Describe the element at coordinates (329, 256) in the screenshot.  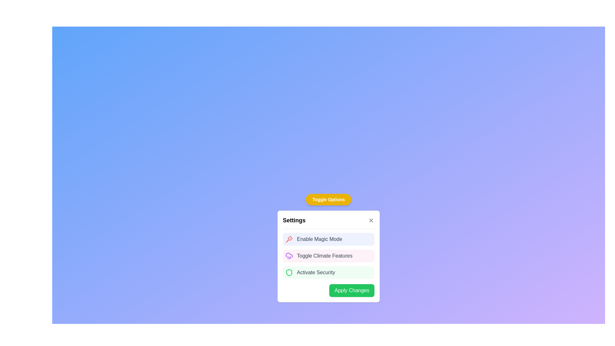
I see `the second option in the settings menu for climate-related features` at that location.